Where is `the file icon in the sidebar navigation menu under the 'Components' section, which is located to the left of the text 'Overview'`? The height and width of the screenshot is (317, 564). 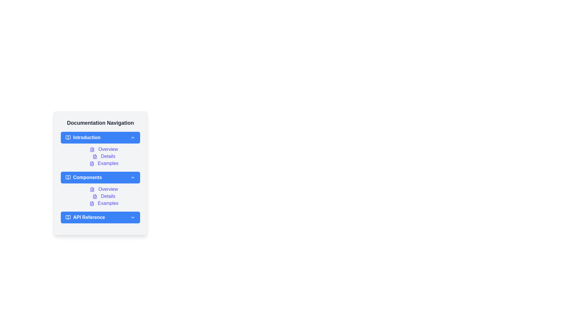 the file icon in the sidebar navigation menu under the 'Components' section, which is located to the left of the text 'Overview' is located at coordinates (92, 189).